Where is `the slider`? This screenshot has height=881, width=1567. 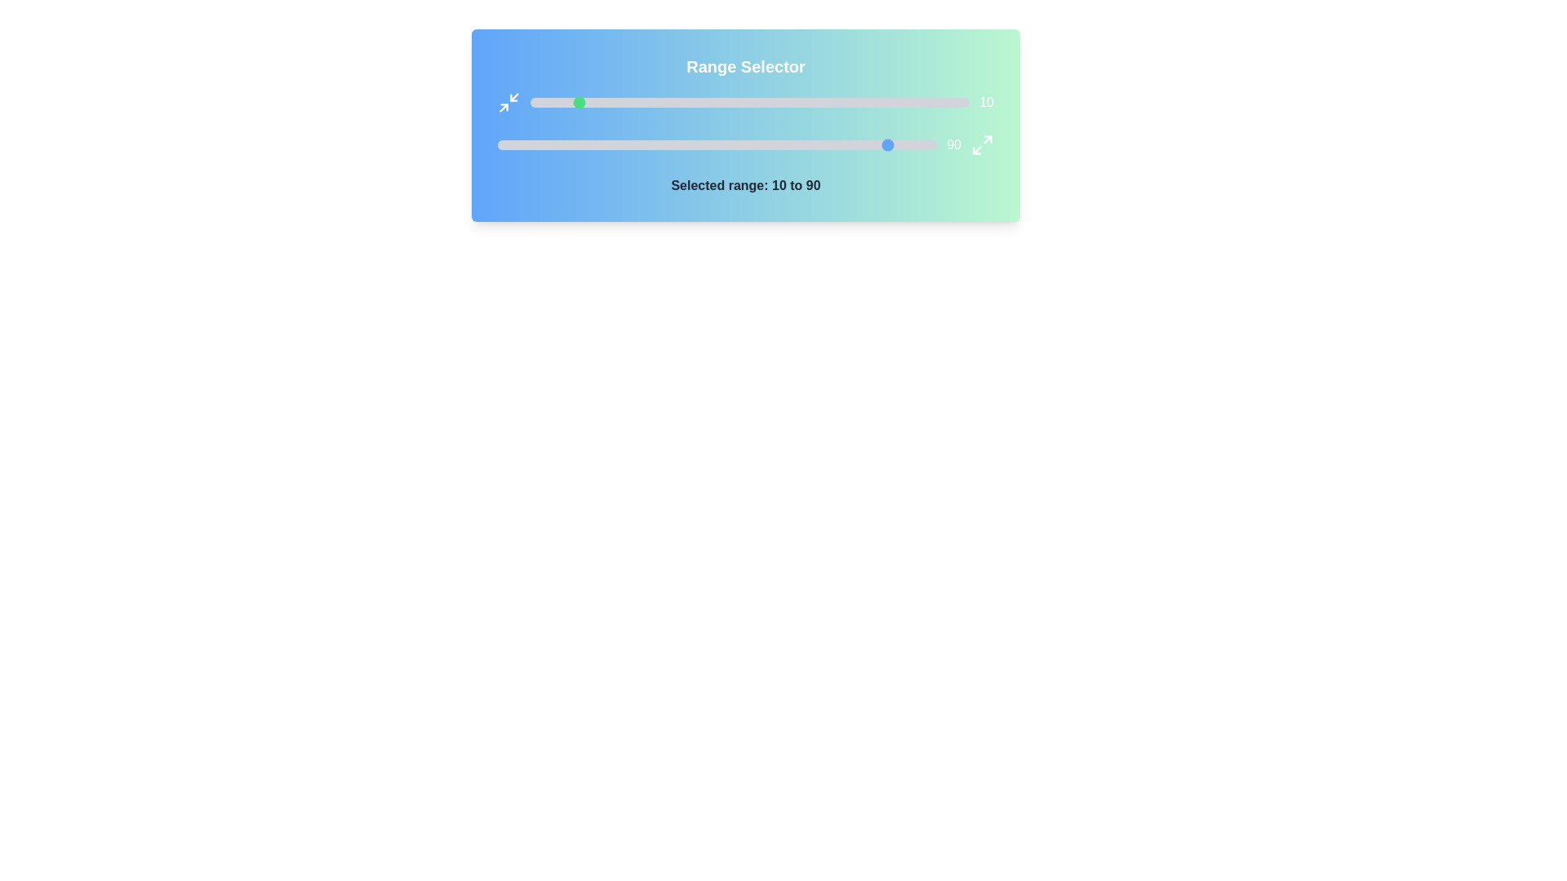 the slider is located at coordinates (570, 103).